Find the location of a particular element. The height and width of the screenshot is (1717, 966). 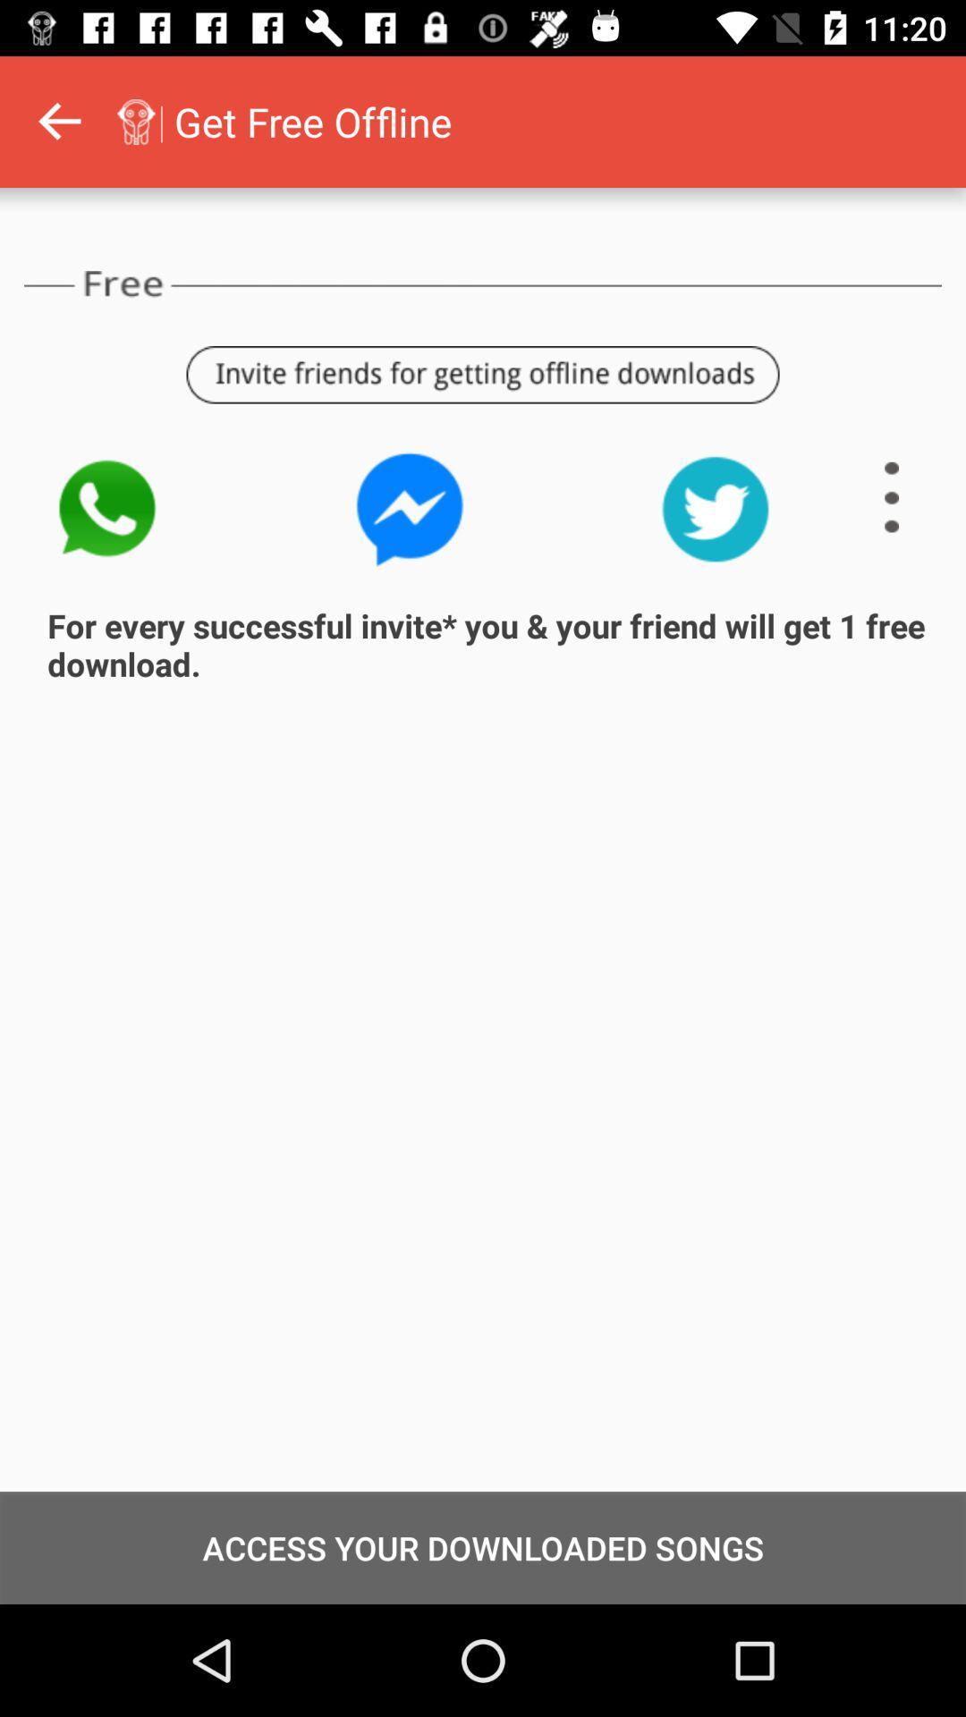

call someone is located at coordinates (106, 508).